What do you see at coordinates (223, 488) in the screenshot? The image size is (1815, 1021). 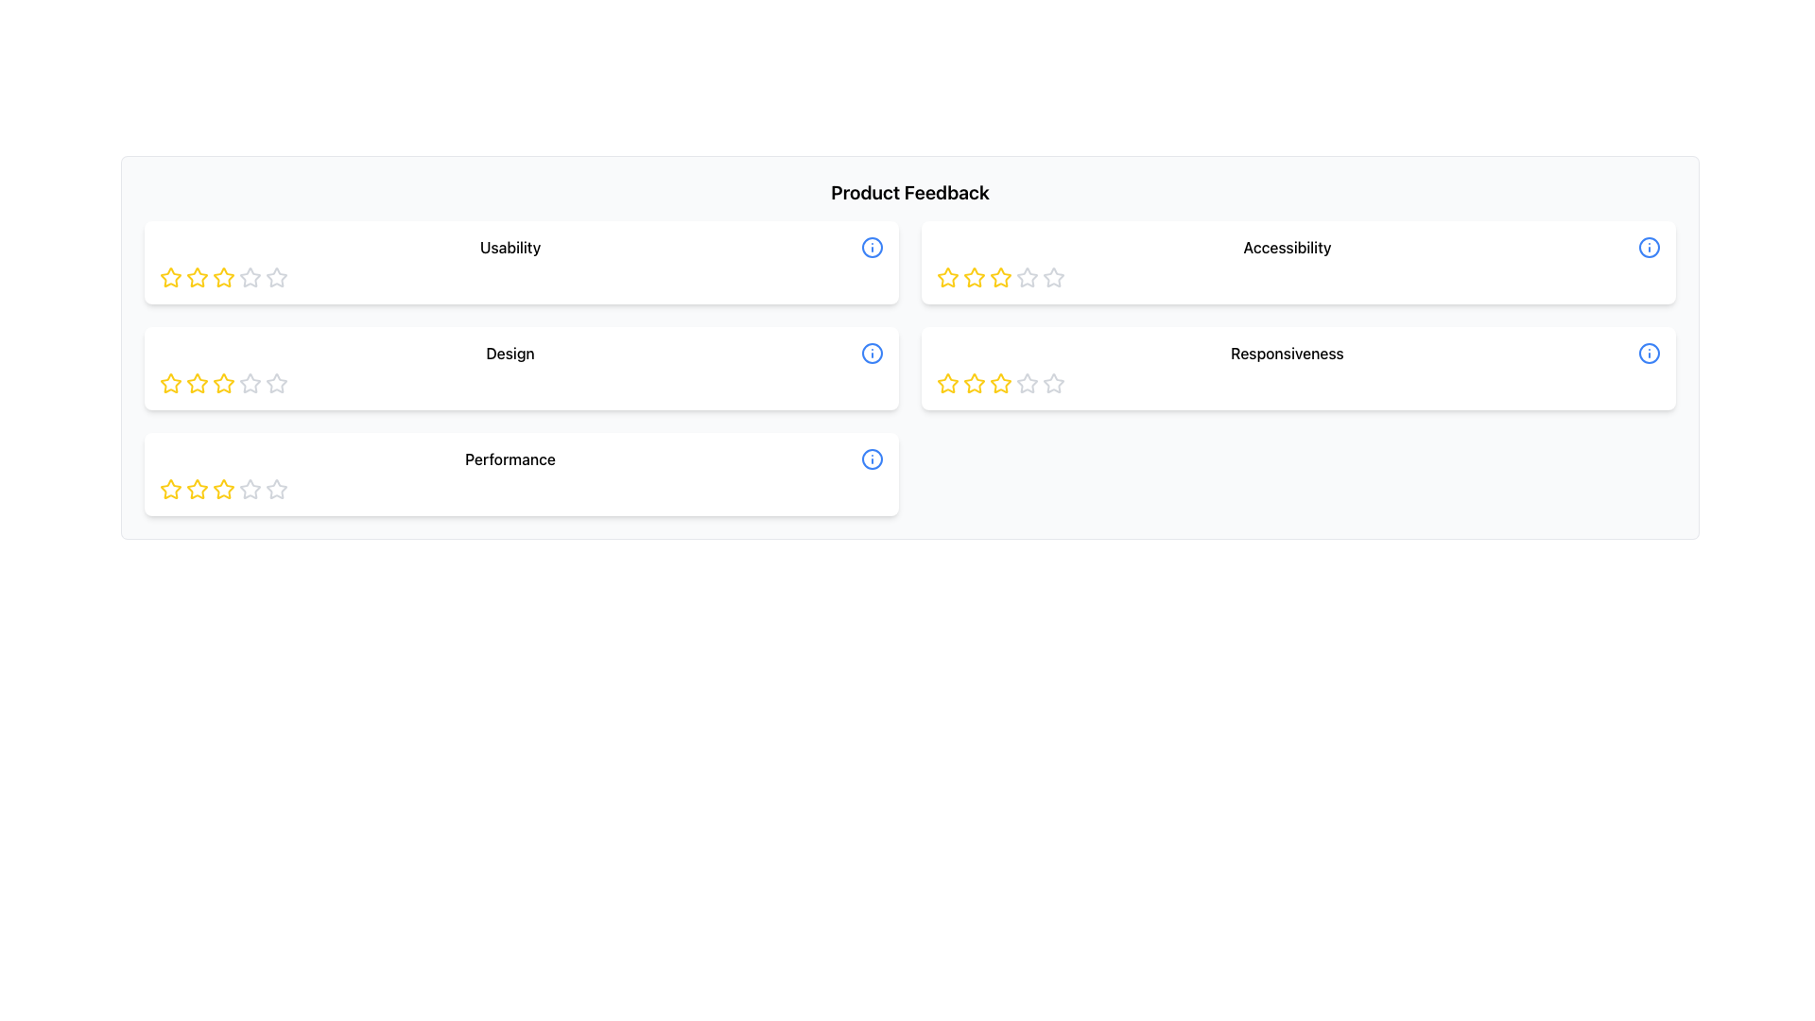 I see `the third star in the star rating icon group under the 'Performance' section` at bounding box center [223, 488].